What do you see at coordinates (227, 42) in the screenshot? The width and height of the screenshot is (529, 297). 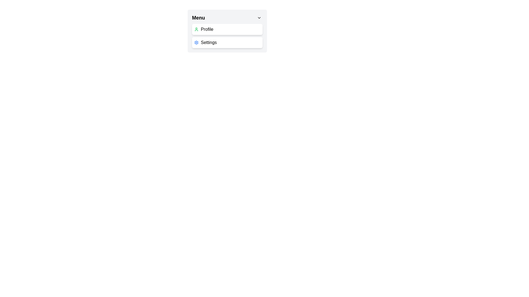 I see `the 'Settings' button located centrally beneath the 'Profile' button` at bounding box center [227, 42].